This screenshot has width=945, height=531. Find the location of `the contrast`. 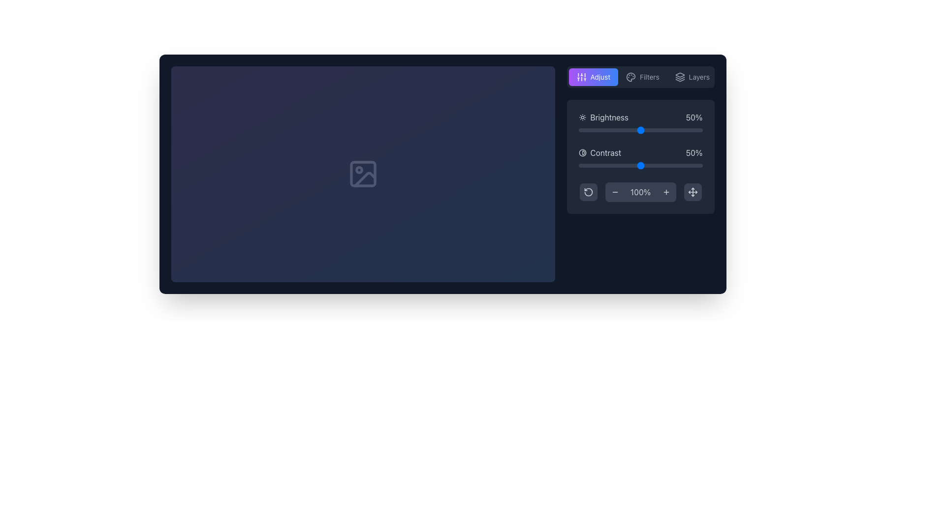

the contrast is located at coordinates (694, 165).